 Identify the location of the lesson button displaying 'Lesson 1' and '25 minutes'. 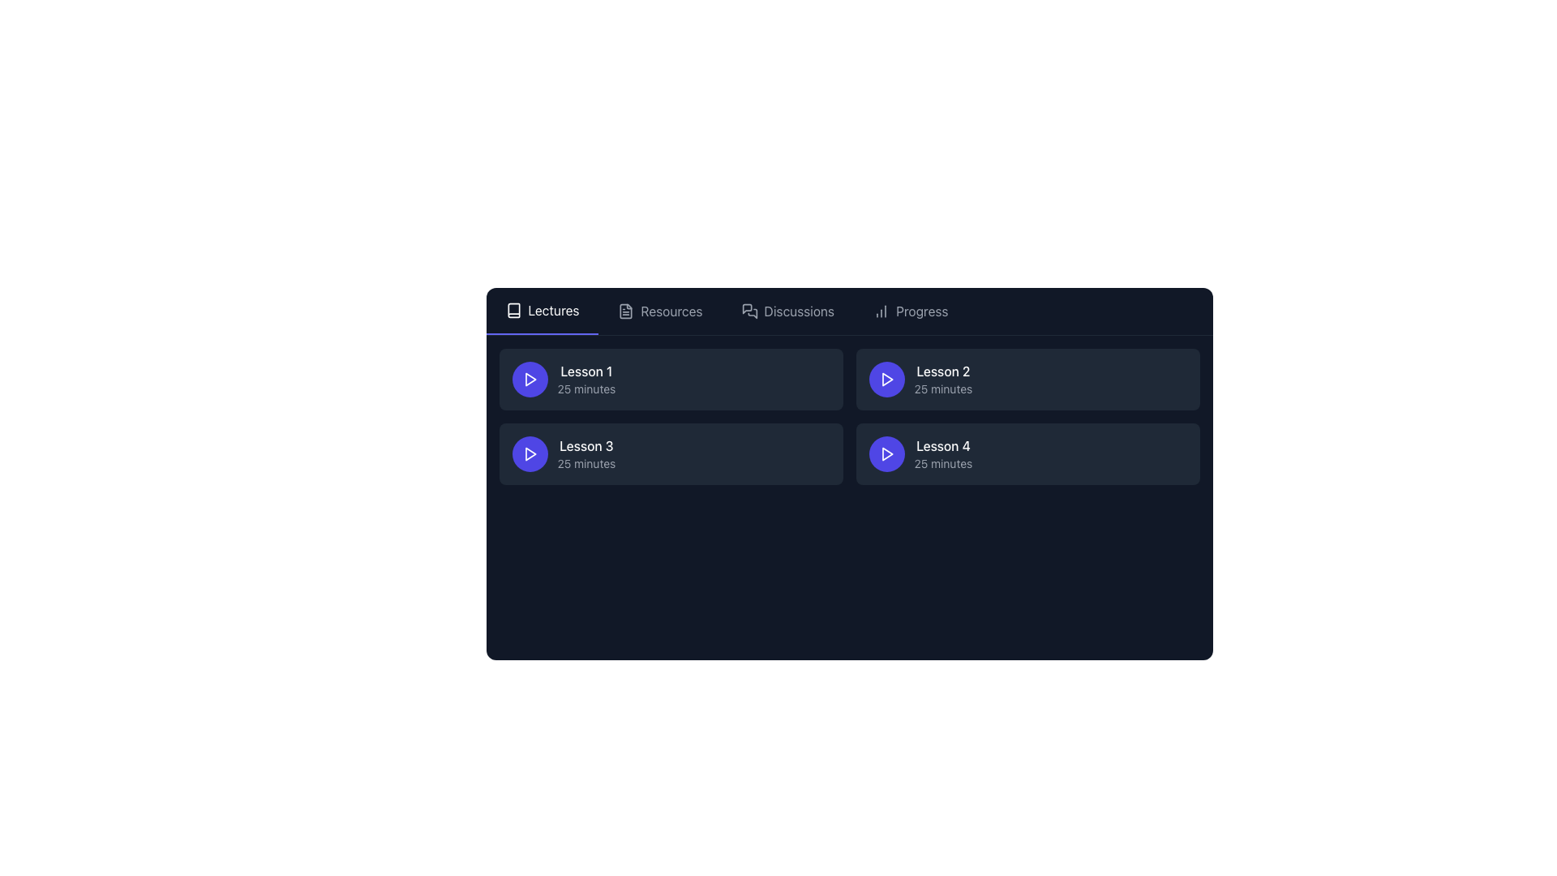
(671, 379).